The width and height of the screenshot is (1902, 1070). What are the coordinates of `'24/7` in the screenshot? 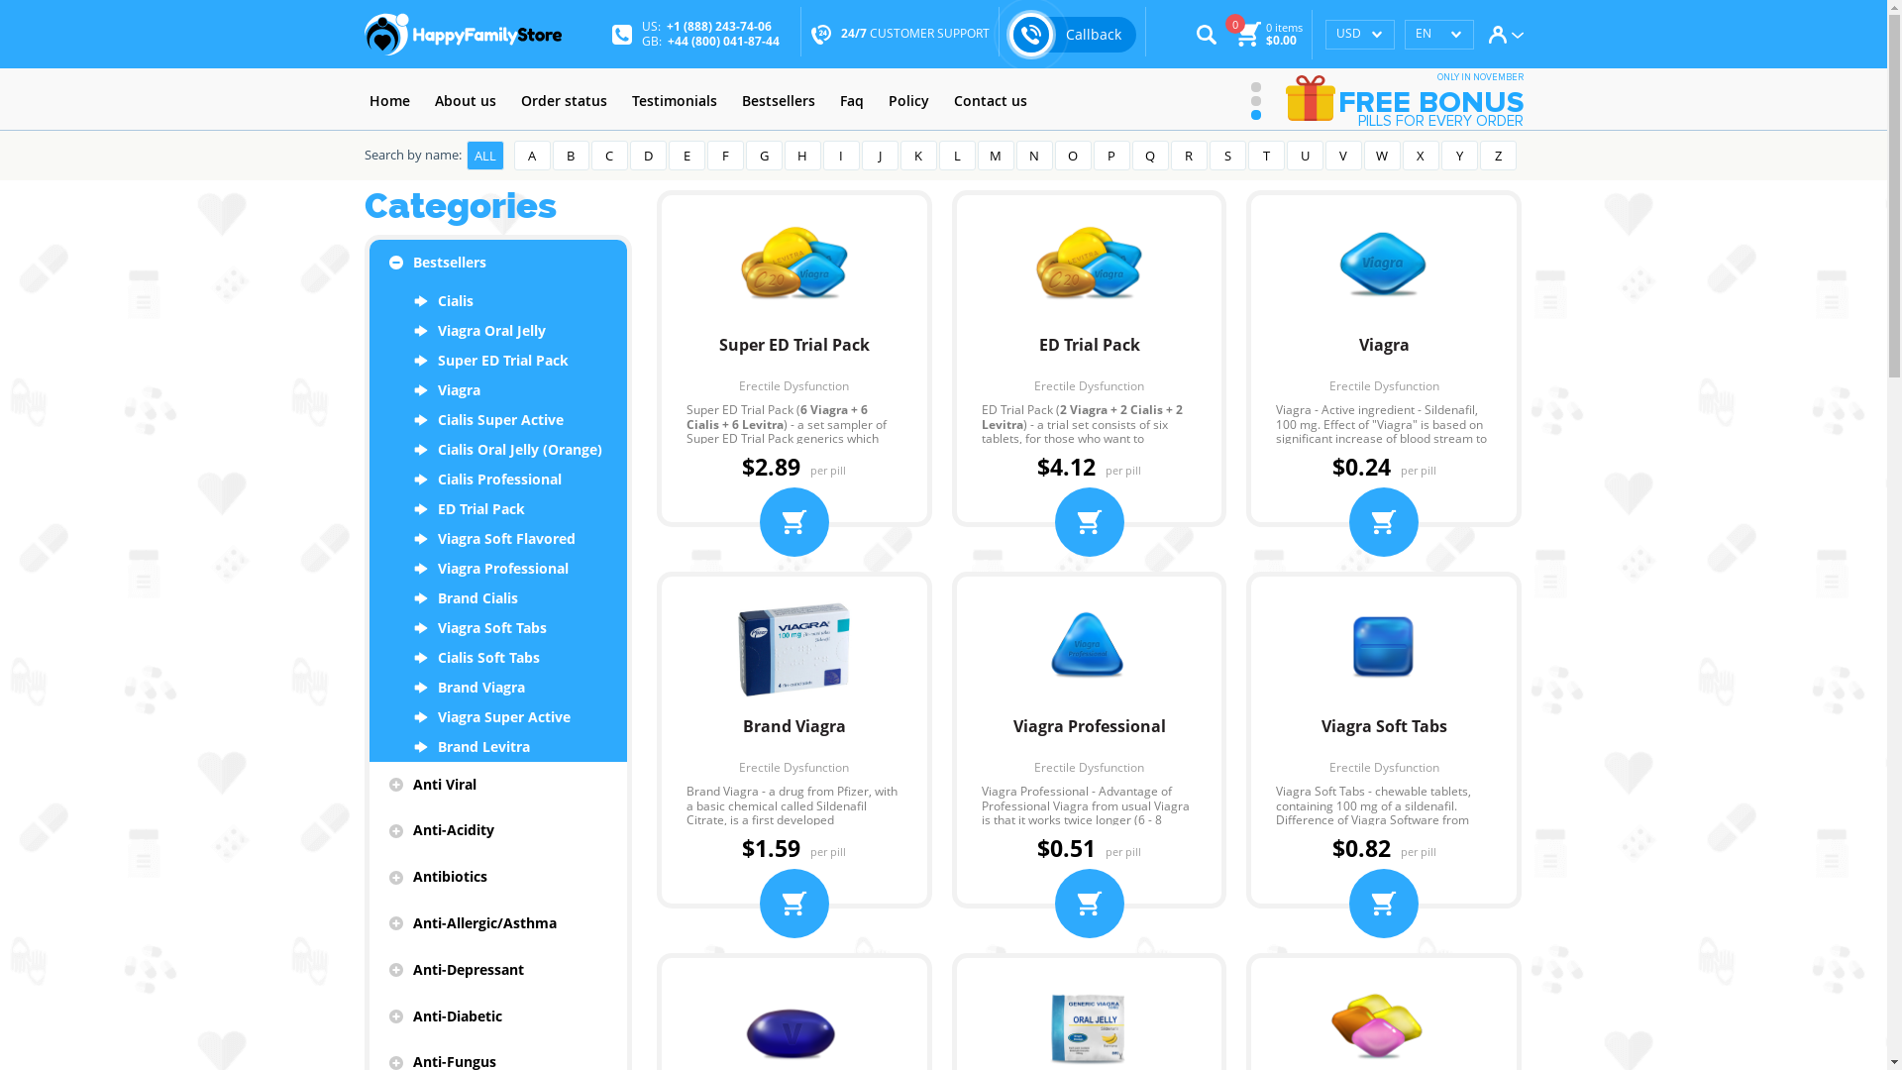 It's located at (913, 34).